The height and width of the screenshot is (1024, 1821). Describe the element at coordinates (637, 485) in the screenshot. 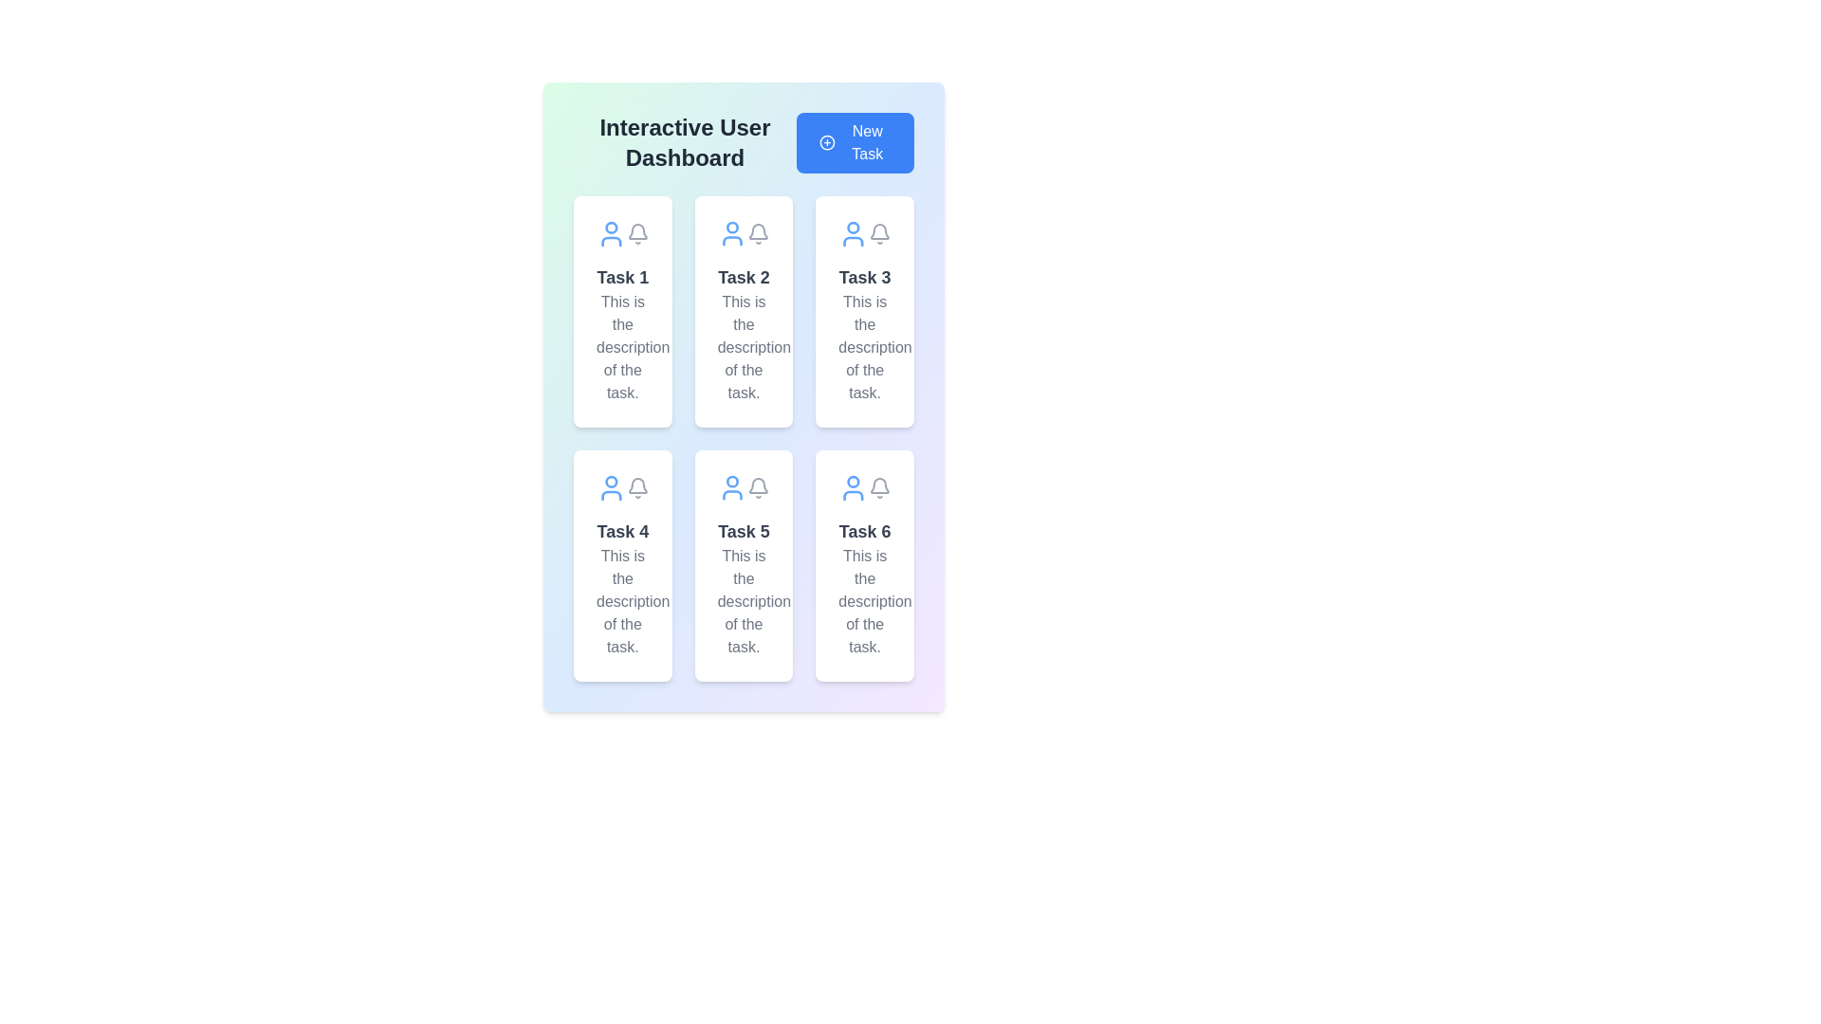

I see `the notification icon located in the upper right corner of the 'Task 4' panel` at that location.